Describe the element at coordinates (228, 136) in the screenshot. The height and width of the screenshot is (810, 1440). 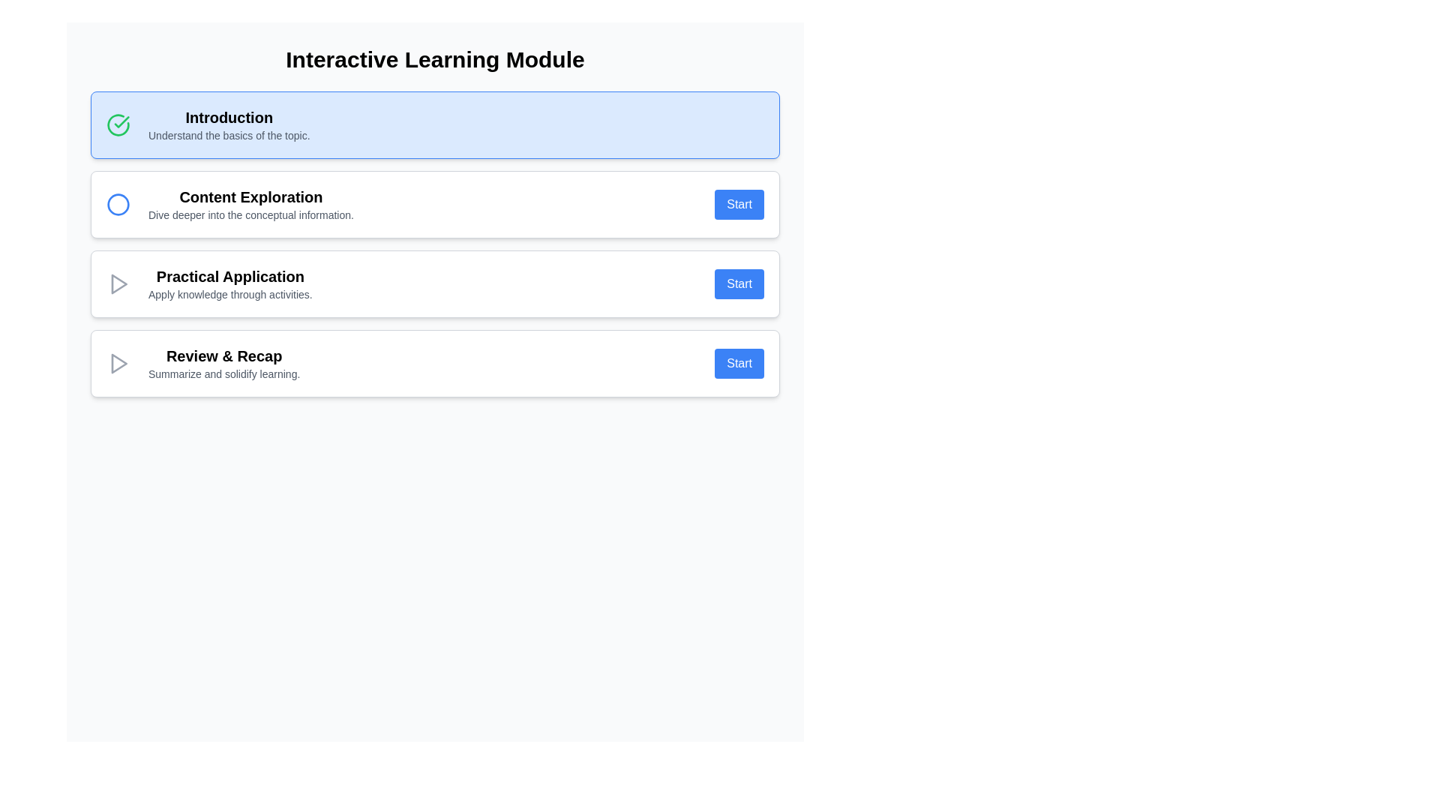
I see `the gray text label that says 'Understand the basics of the topic.' positioned below the bold title 'Introduction'` at that location.